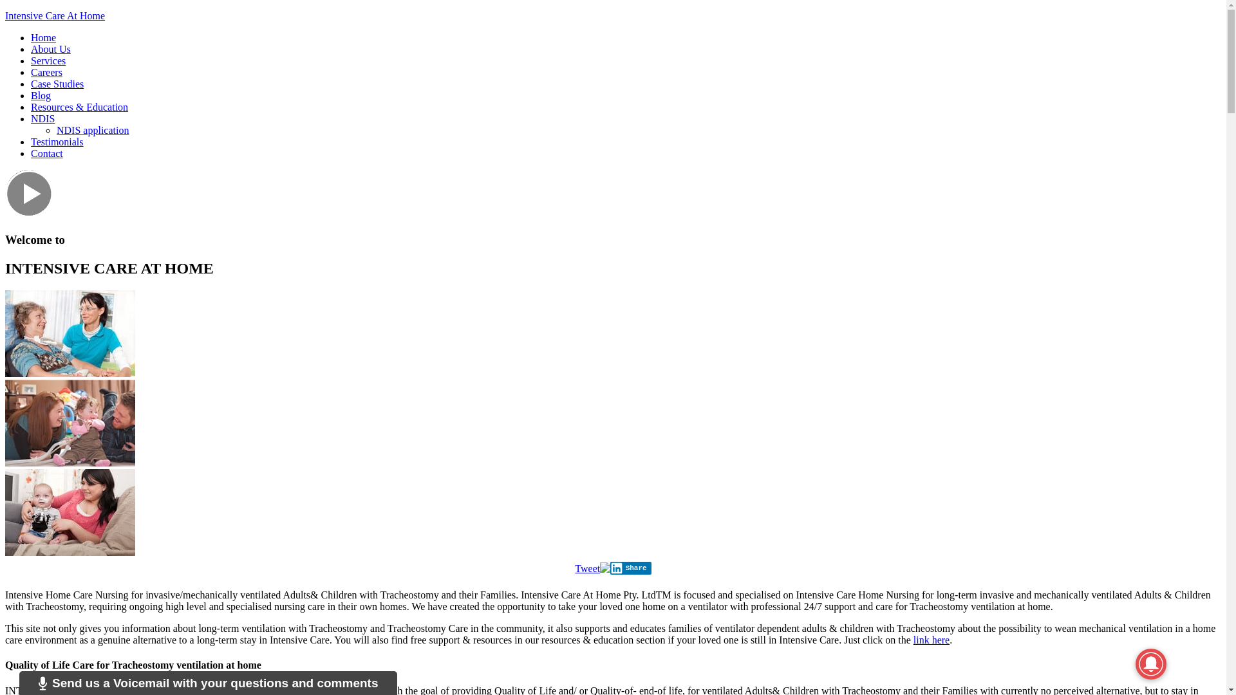 The height and width of the screenshot is (695, 1236). What do you see at coordinates (42, 118) in the screenshot?
I see `'NDIS'` at bounding box center [42, 118].